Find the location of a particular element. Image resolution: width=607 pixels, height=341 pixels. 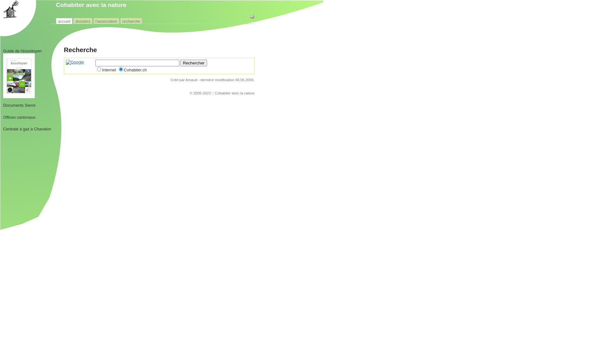

'Offices cantonaux' is located at coordinates (19, 117).